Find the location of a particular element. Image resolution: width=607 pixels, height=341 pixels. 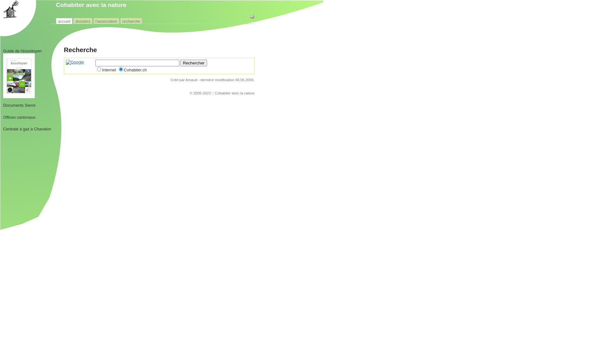

'Offices cantonaux' is located at coordinates (19, 117).